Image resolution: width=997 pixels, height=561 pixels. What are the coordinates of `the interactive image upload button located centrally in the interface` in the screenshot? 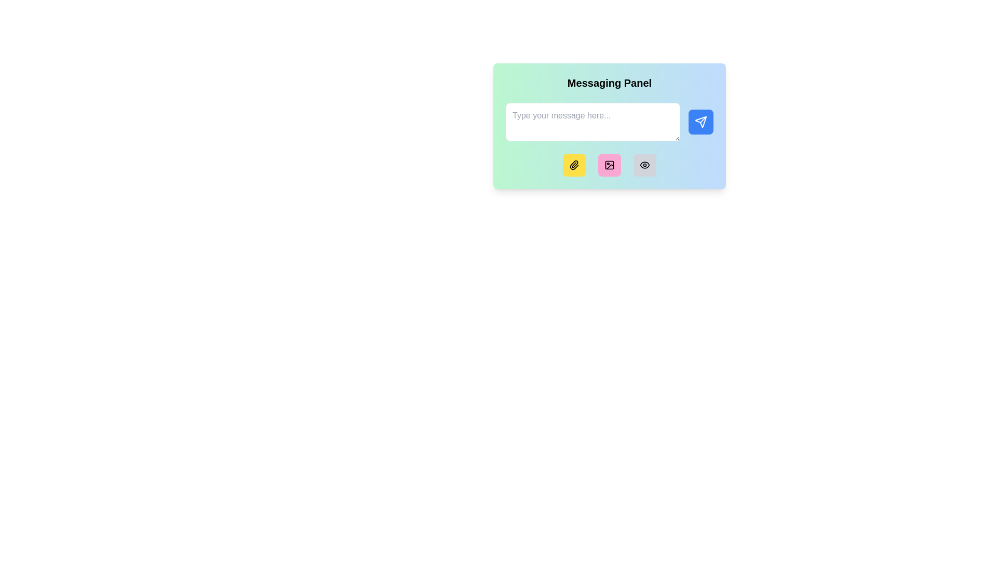 It's located at (610, 164).